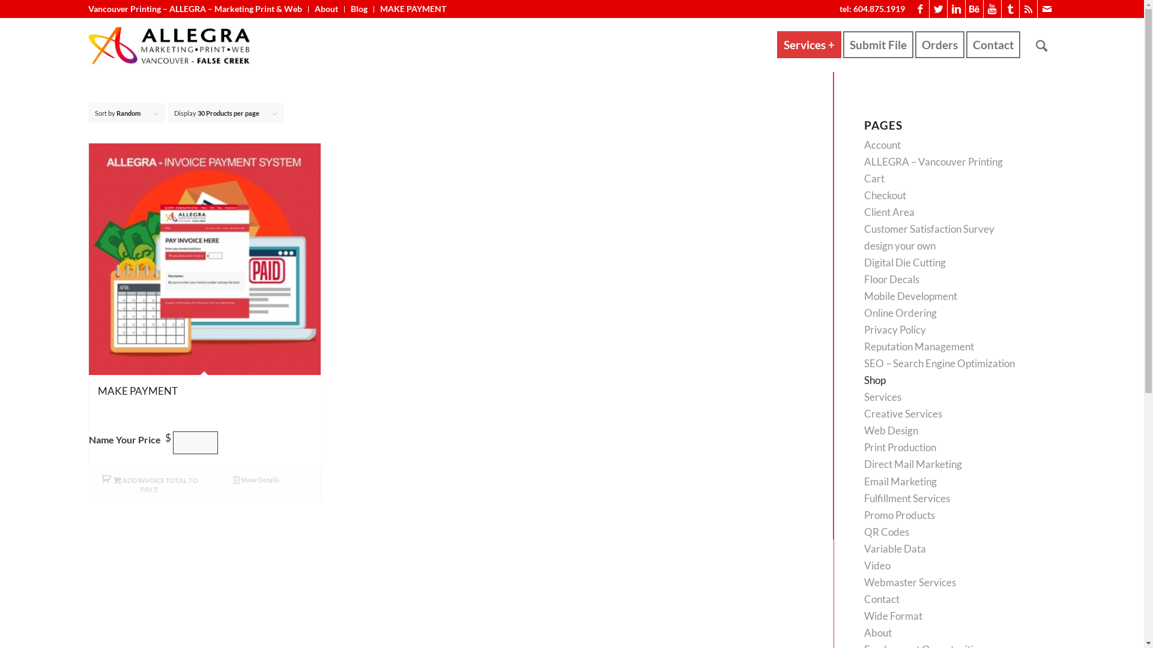  Describe the element at coordinates (899, 514) in the screenshot. I see `'Promo Products'` at that location.